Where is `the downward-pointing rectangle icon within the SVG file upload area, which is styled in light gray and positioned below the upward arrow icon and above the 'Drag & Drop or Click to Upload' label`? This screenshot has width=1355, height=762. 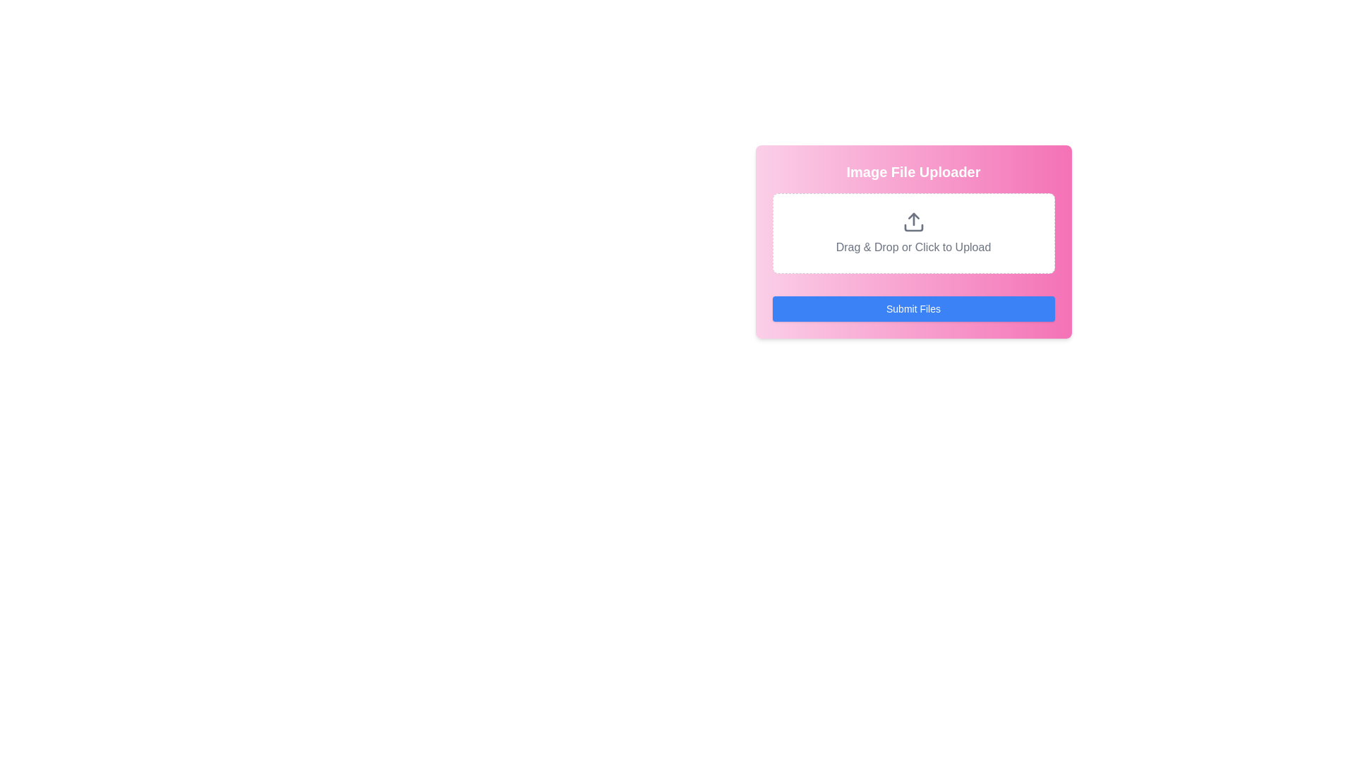 the downward-pointing rectangle icon within the SVG file upload area, which is styled in light gray and positioned below the upward arrow icon and above the 'Drag & Drop or Click to Upload' label is located at coordinates (913, 227).